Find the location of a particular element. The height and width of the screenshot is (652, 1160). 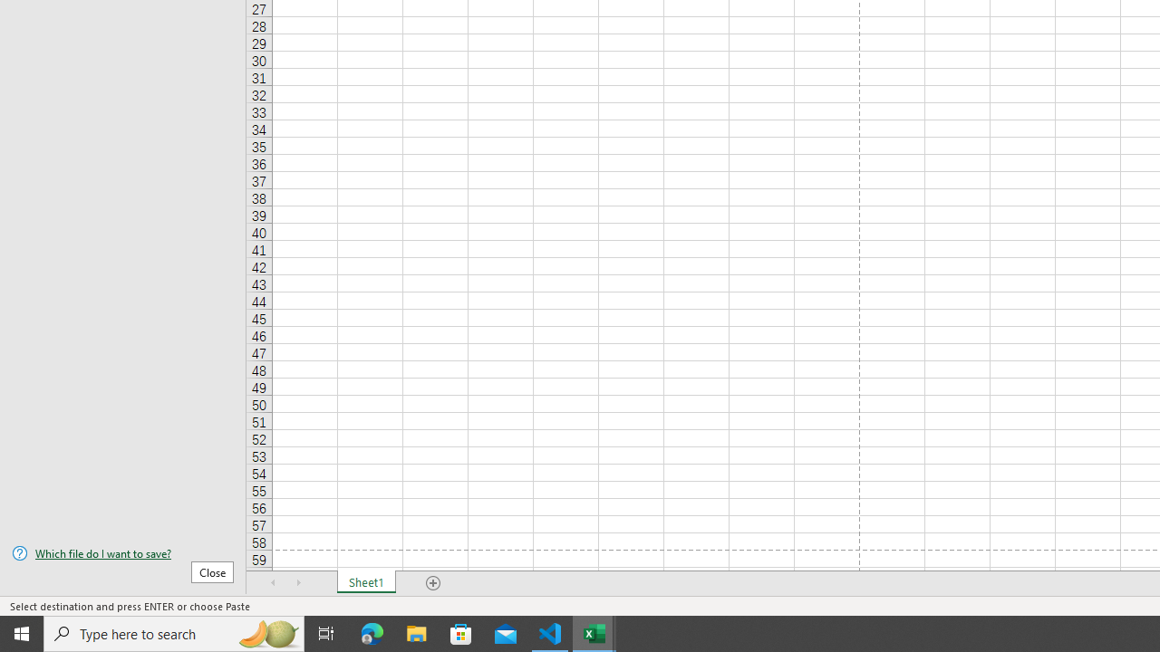

'Visual Studio Code - 1 running window' is located at coordinates (549, 632).